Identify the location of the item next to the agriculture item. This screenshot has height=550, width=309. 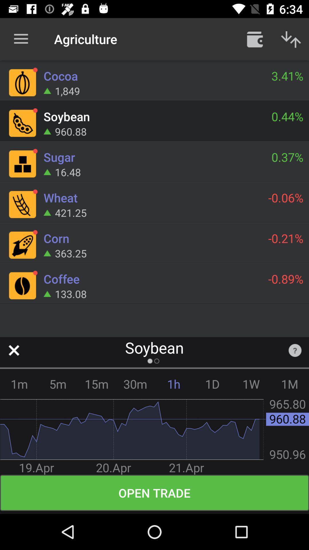
(255, 39).